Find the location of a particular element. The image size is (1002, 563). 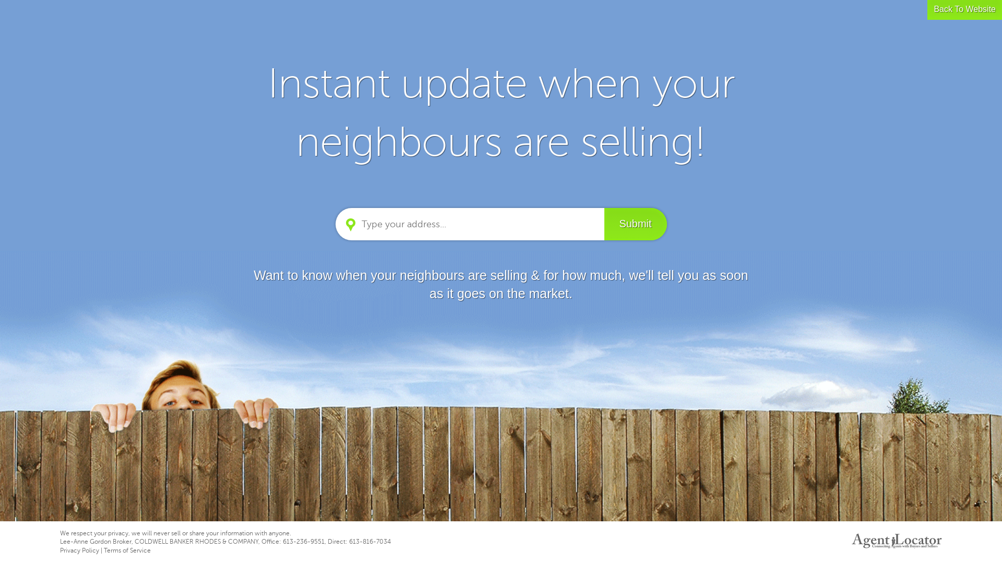

'Privacy Policy' is located at coordinates (79, 550).